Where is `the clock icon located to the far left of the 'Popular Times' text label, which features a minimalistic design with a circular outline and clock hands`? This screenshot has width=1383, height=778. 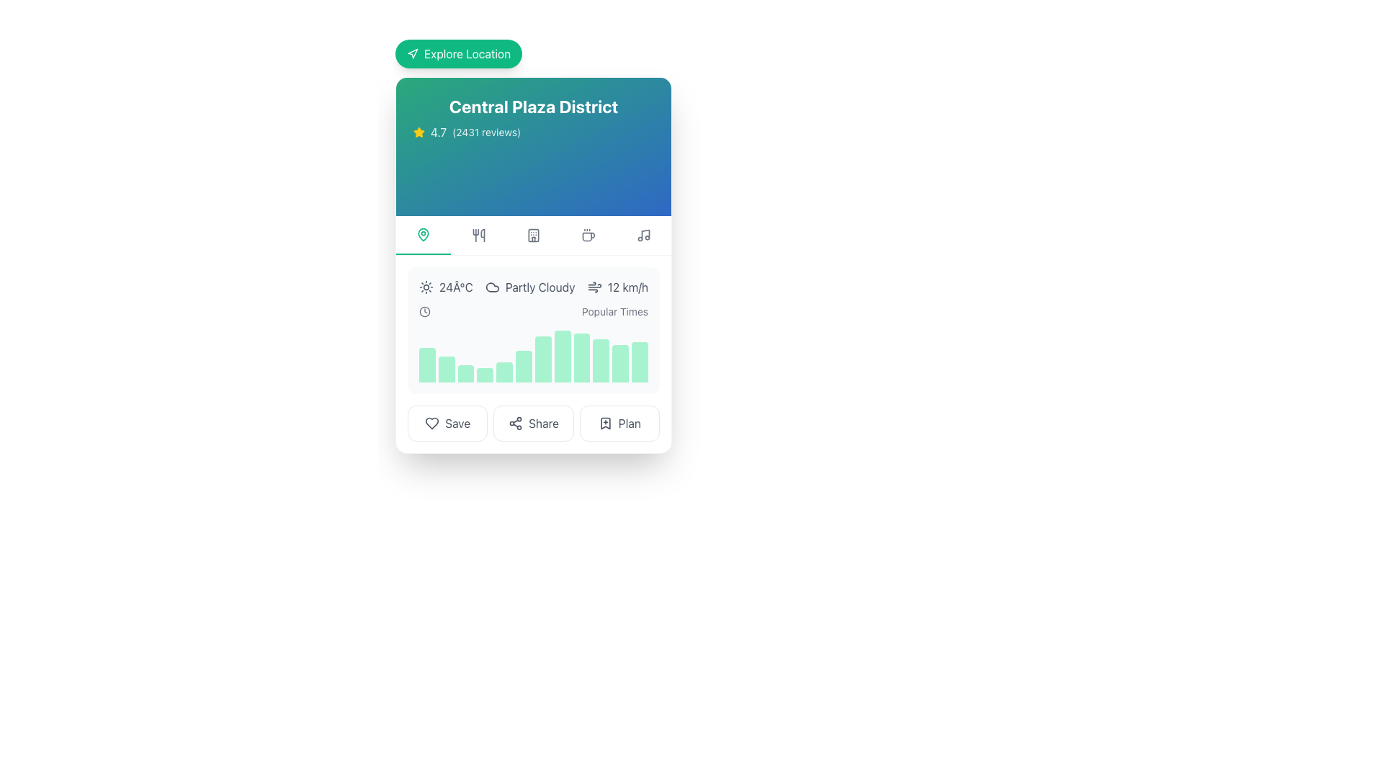
the clock icon located to the far left of the 'Popular Times' text label, which features a minimalistic design with a circular outline and clock hands is located at coordinates (424, 310).